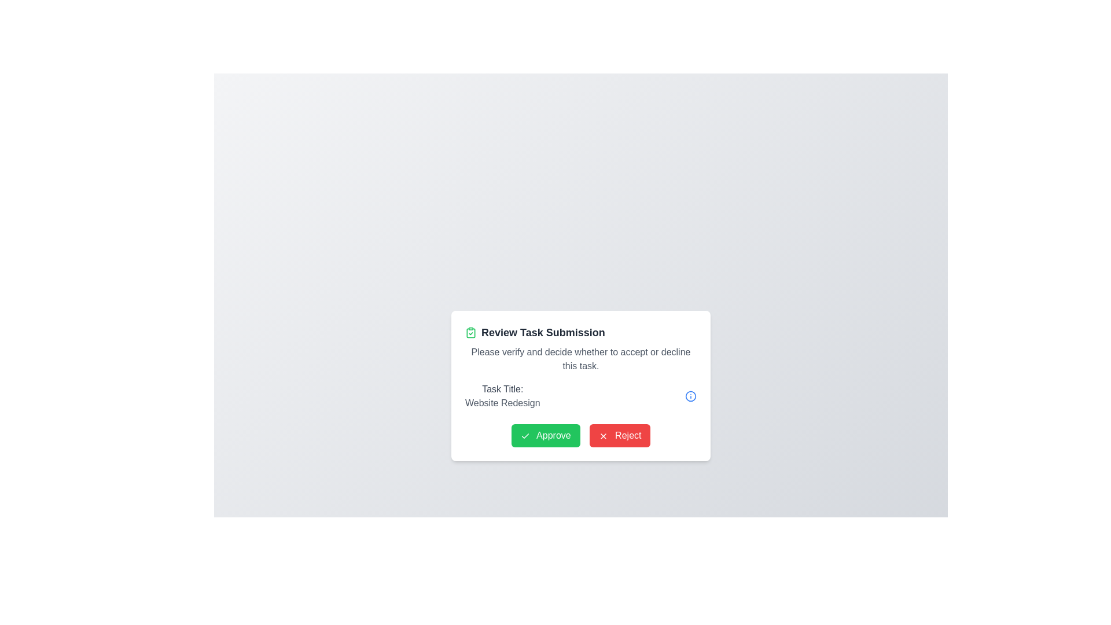  I want to click on the checkmark icon embedded on the left side of the green 'Approve' button located in the bottom-left corner of the dialog box, so click(524, 436).